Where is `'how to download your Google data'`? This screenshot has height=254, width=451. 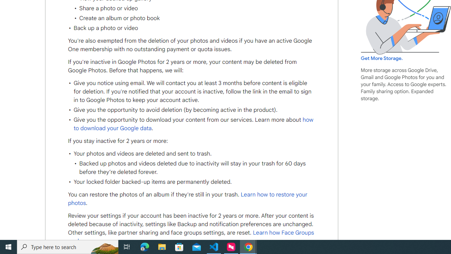
'how to download your Google data' is located at coordinates (193, 123).